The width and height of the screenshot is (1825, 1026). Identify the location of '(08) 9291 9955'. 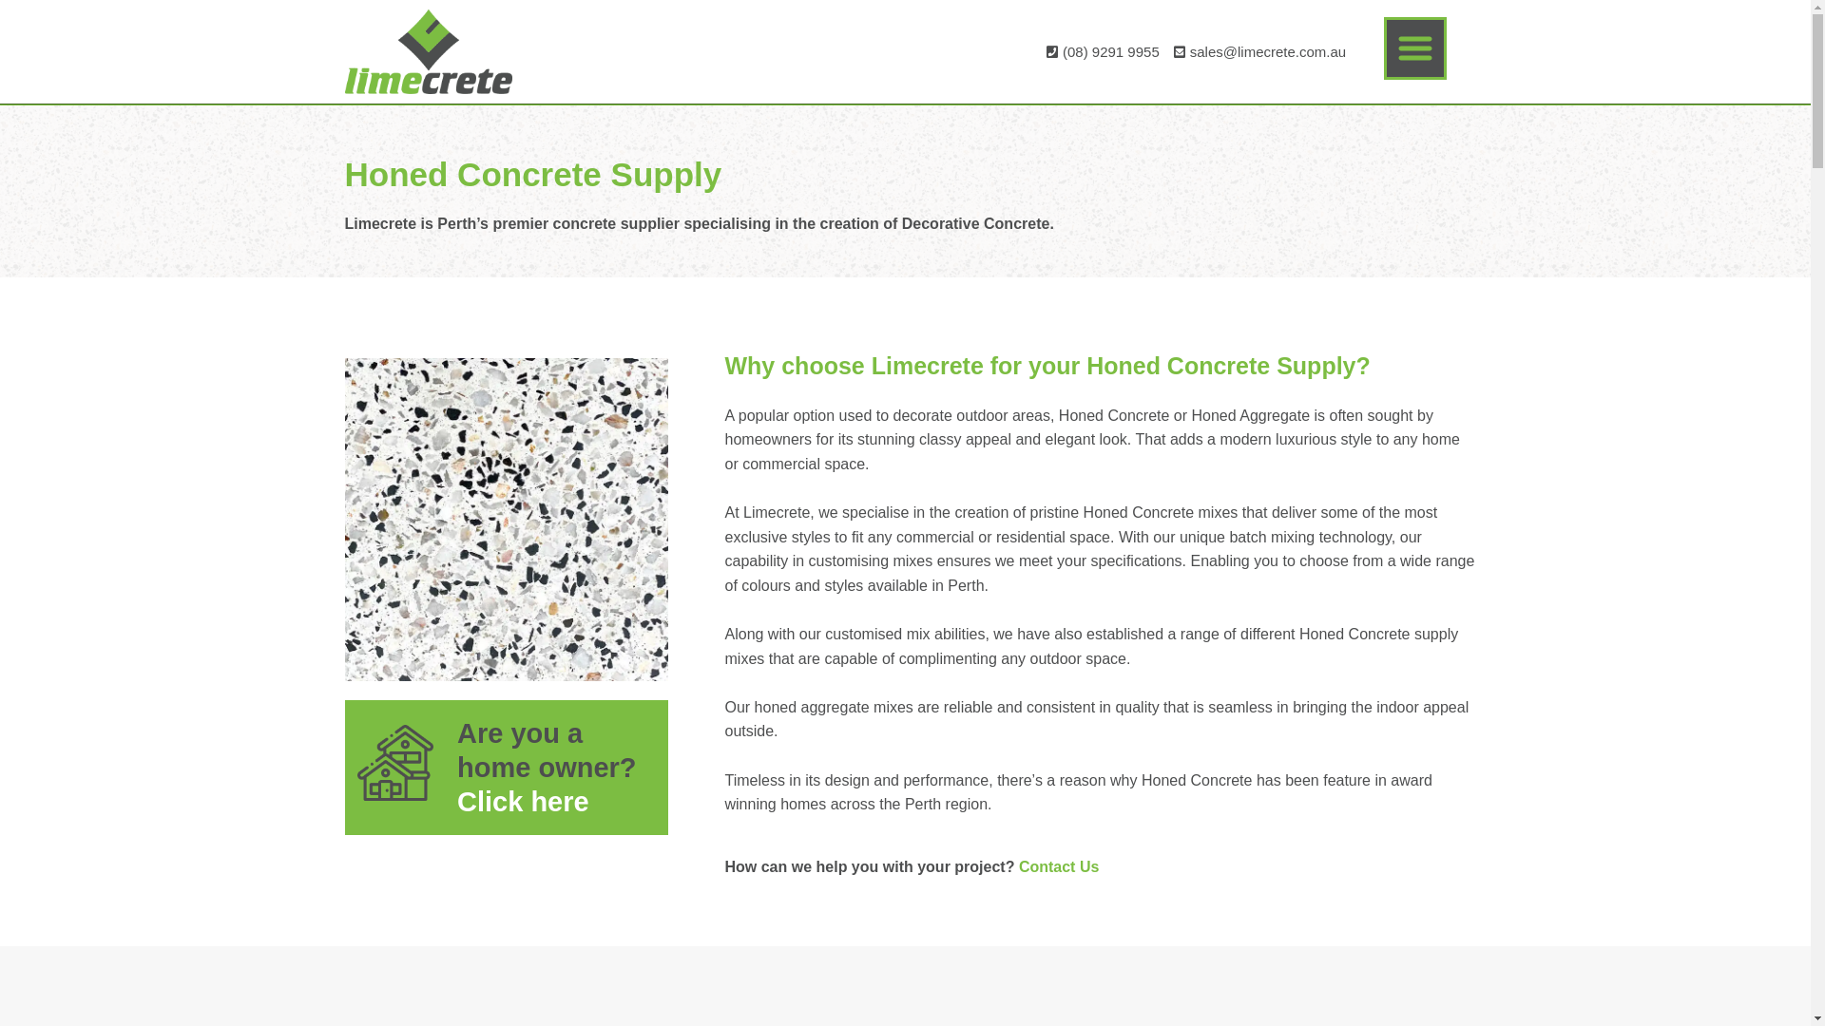
(1100, 50).